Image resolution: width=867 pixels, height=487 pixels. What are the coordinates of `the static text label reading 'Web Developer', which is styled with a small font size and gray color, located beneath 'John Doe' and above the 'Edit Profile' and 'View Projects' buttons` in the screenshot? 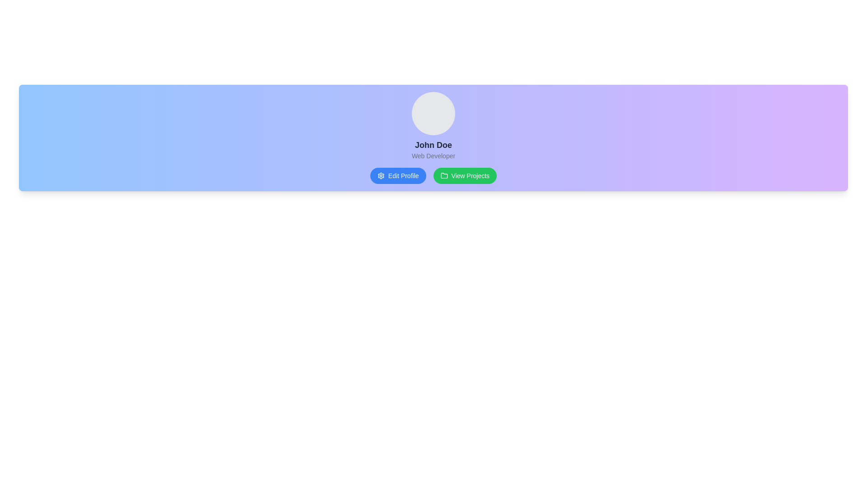 It's located at (433, 156).